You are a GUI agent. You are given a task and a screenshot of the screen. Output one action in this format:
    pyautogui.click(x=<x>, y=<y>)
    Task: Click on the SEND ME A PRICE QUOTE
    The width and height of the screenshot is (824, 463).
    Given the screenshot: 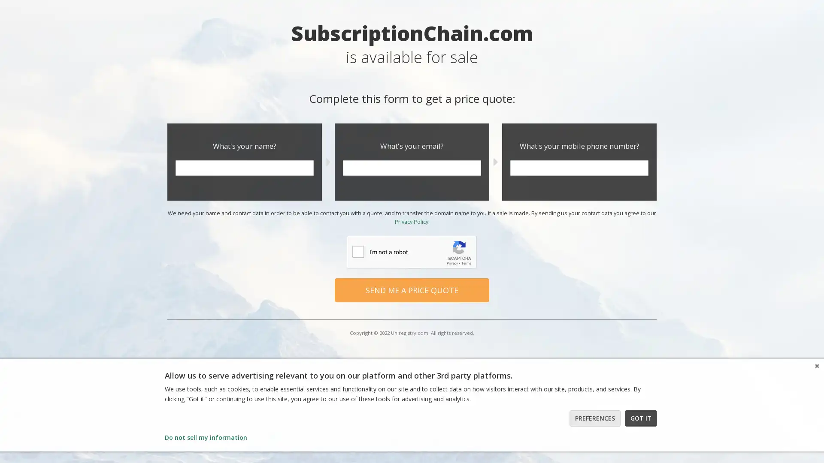 What is the action you would take?
    pyautogui.click(x=412, y=290)
    